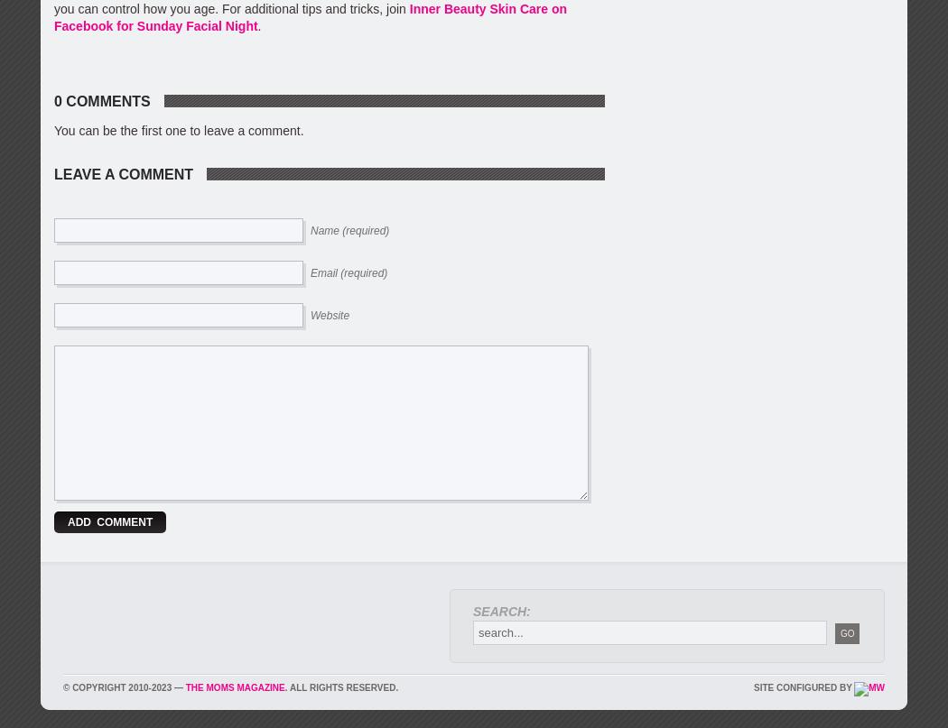 The width and height of the screenshot is (948, 728). I want to click on 'Email  (required)', so click(349, 271).